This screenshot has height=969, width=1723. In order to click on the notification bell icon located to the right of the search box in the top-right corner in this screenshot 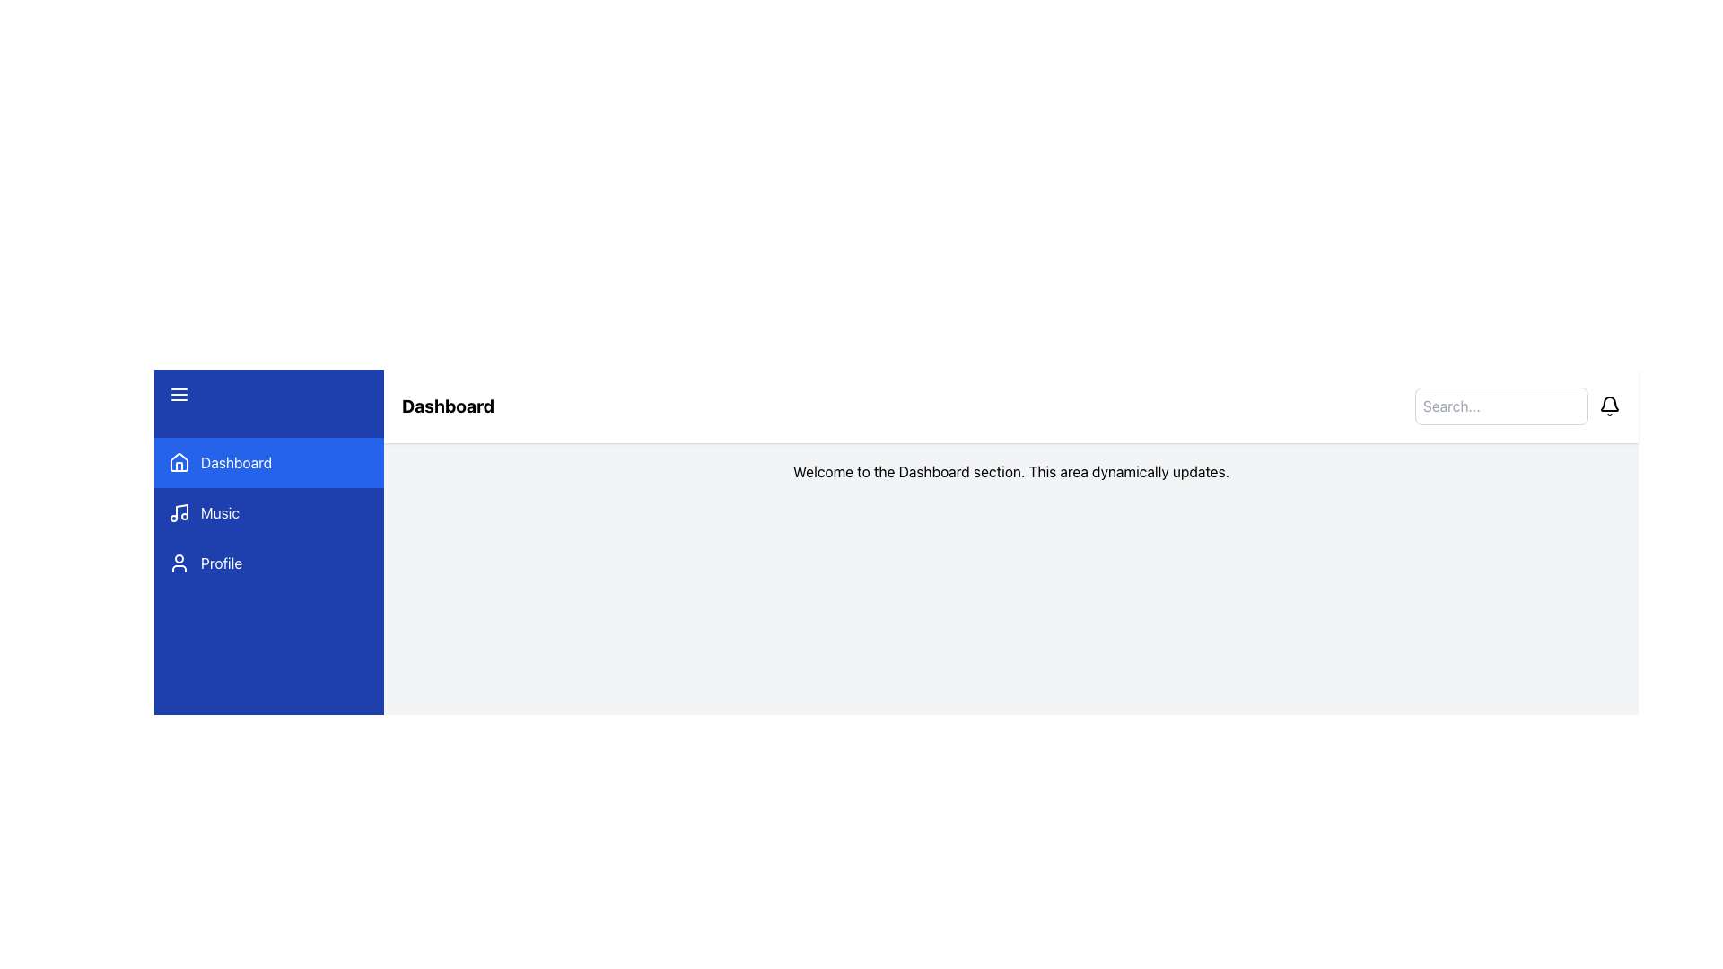, I will do `click(1610, 406)`.